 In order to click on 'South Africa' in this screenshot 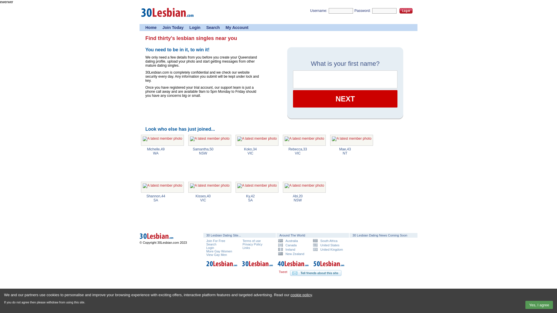, I will do `click(328, 241)`.